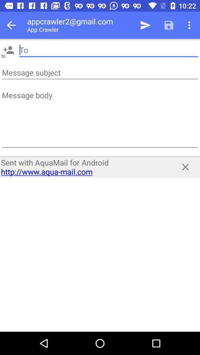 The height and width of the screenshot is (355, 200). Describe the element at coordinates (146, 25) in the screenshot. I see `icon next to the appcrawler2@gmail.com` at that location.